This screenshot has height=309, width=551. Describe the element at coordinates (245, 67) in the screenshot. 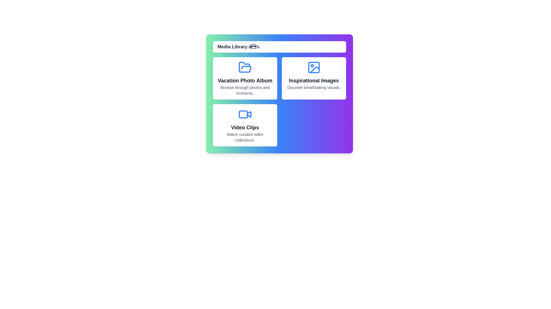

I see `the icon of the media item Vacation Photo Album` at that location.